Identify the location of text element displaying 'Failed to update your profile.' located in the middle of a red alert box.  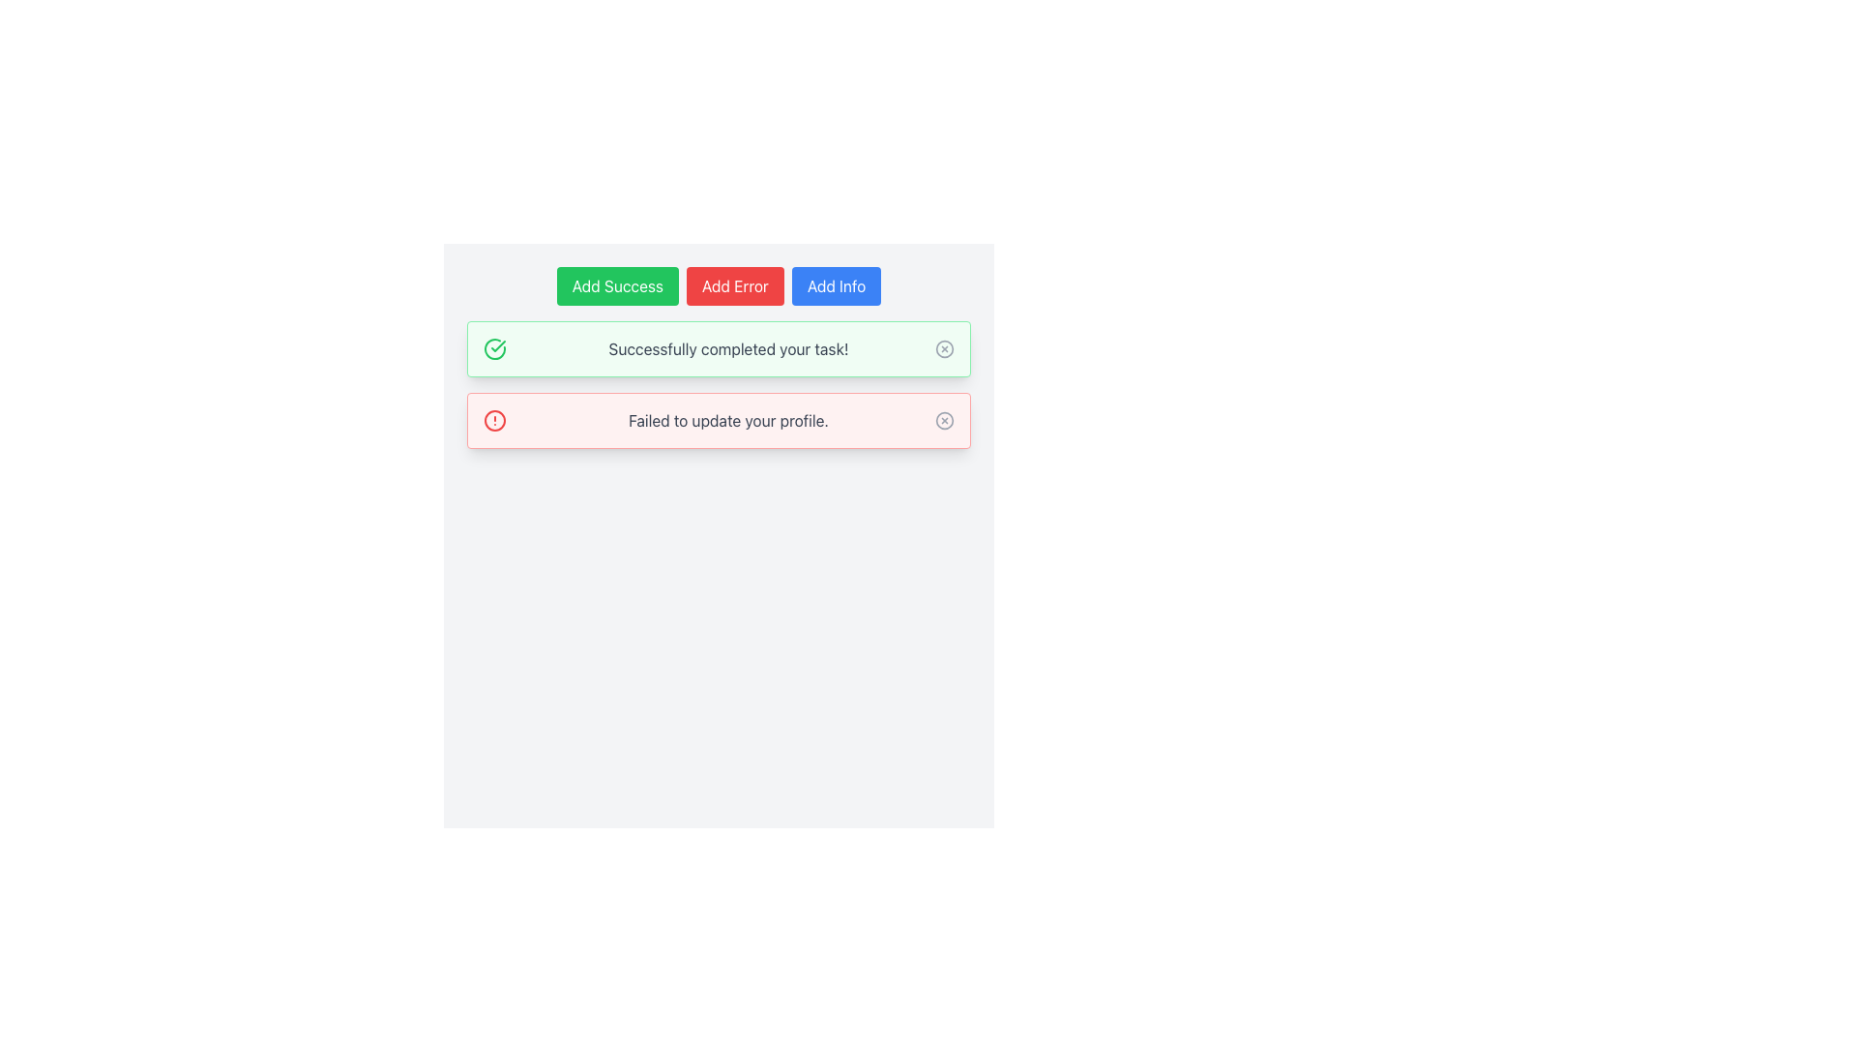
(727, 420).